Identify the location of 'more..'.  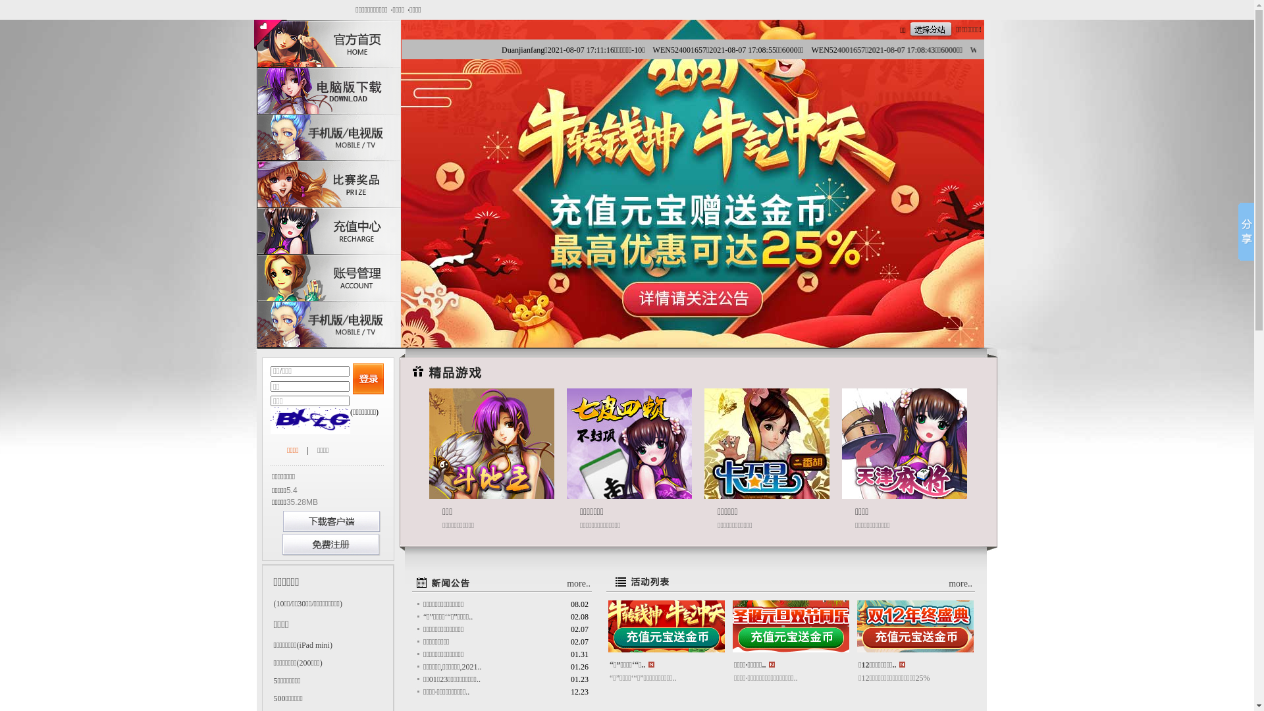
(578, 583).